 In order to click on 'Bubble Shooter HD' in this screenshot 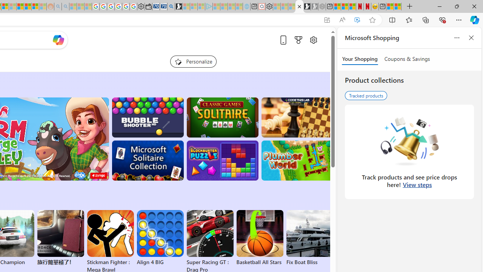, I will do `click(148, 117)`.